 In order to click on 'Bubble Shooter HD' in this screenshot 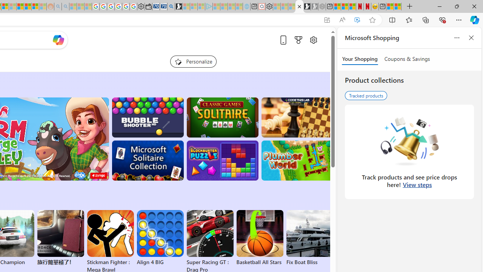, I will do `click(148, 117)`.